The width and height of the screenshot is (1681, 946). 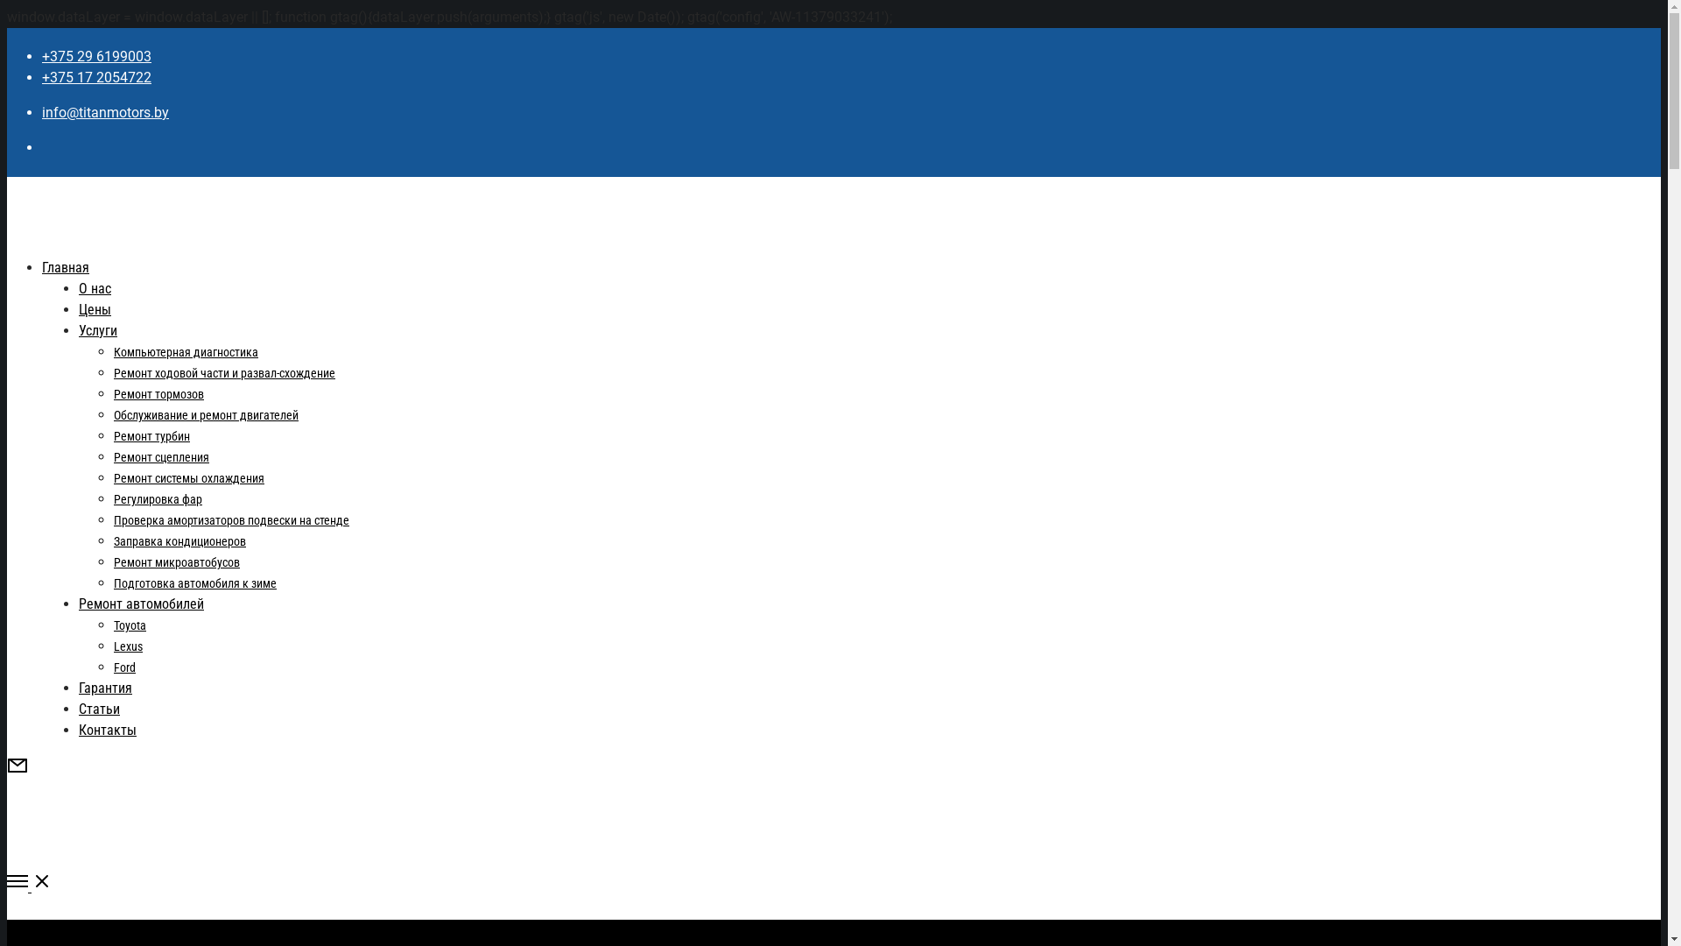 What do you see at coordinates (17, 935) in the screenshot?
I see `'Close'` at bounding box center [17, 935].